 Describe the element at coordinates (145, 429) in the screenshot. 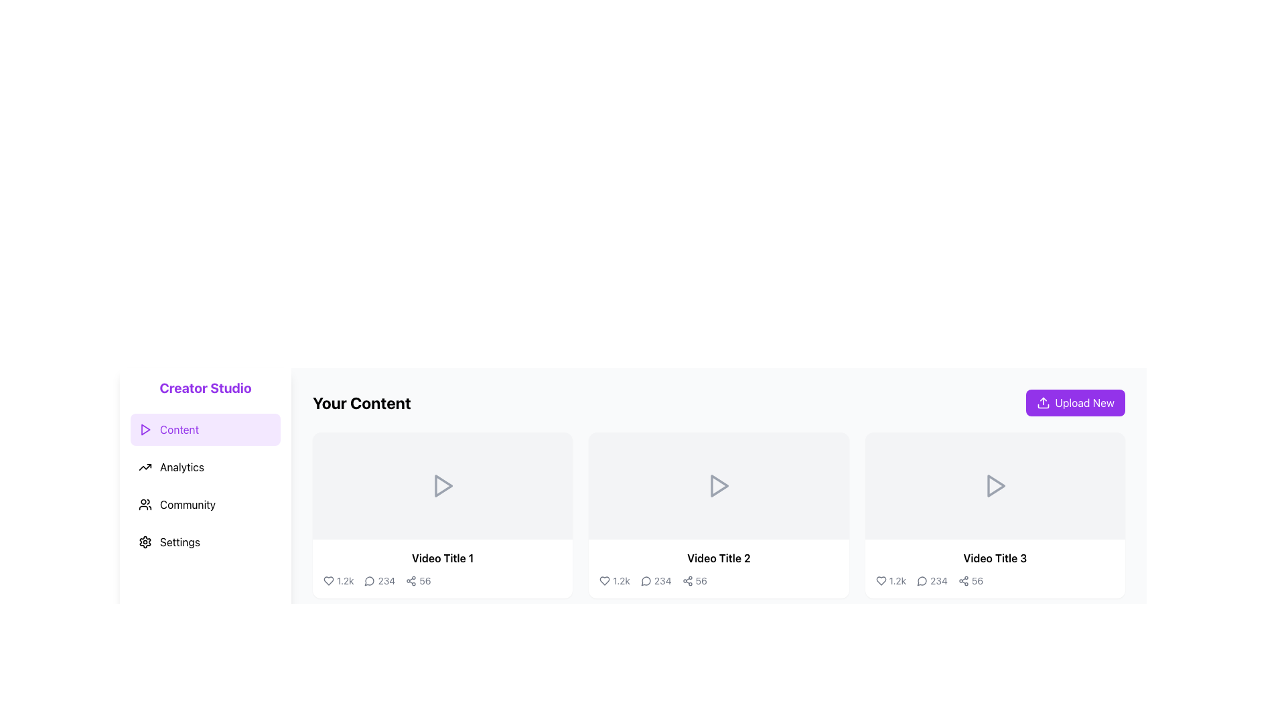

I see `the triangular play button icon with a purple outline located to the left of the 'Content' label in the sidebar` at that location.